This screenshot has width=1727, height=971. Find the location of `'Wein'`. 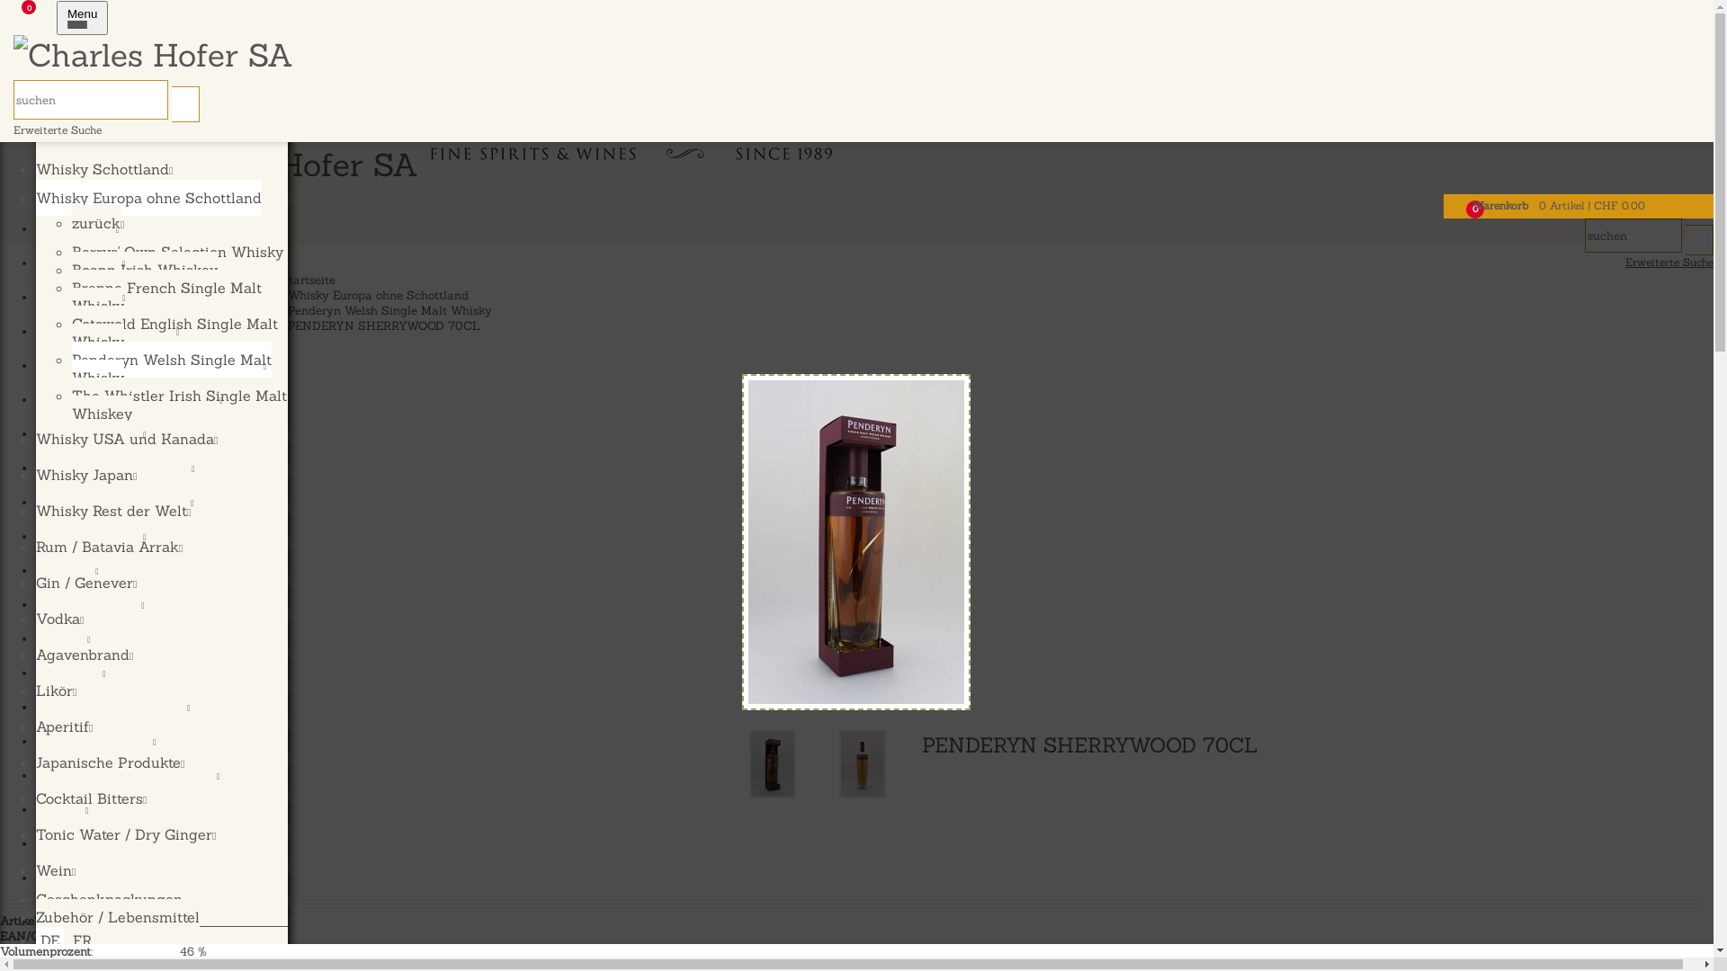

'Wein' is located at coordinates (56, 869).